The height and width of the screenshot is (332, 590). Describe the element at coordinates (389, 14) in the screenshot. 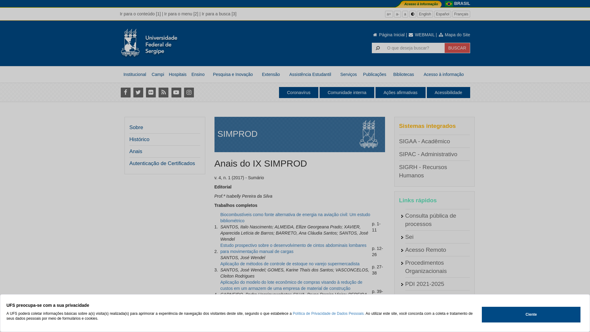

I see `'a+'` at that location.